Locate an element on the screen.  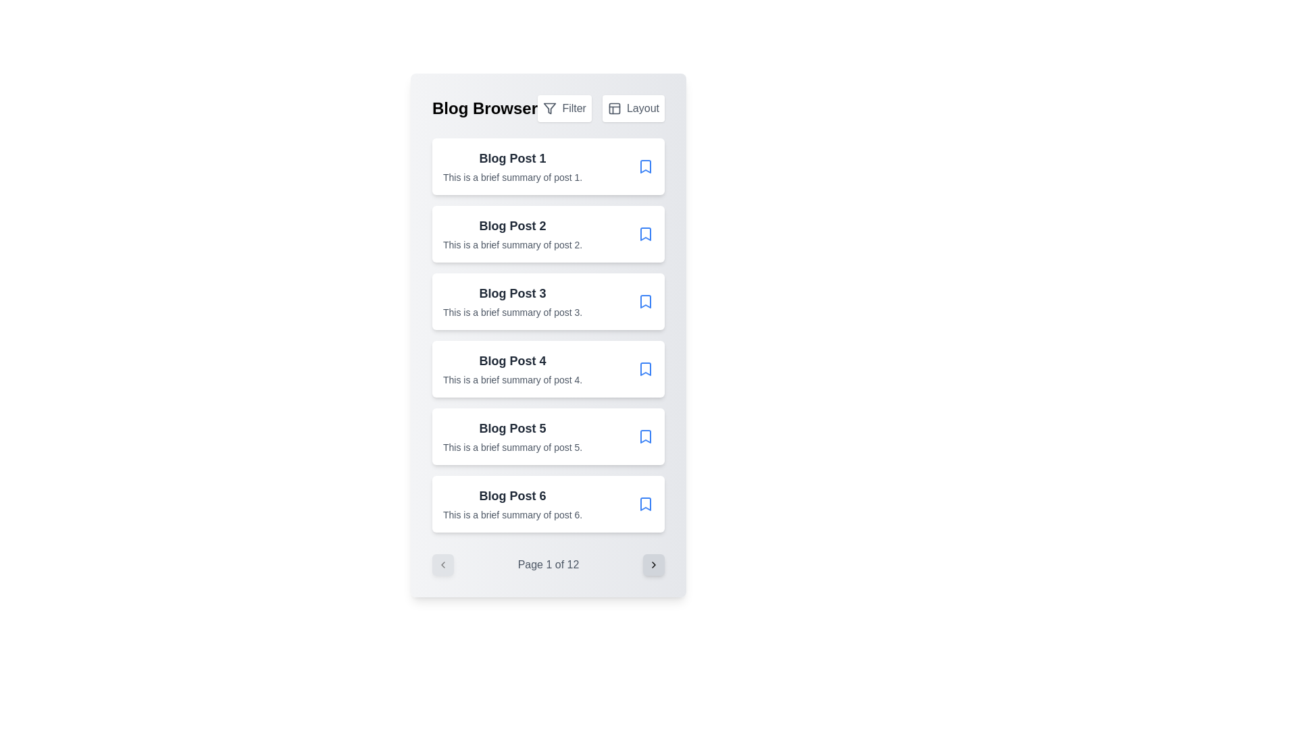
the bookmark icon at the top-right corner of the card for 'Blog Post 1' is located at coordinates (644, 165).